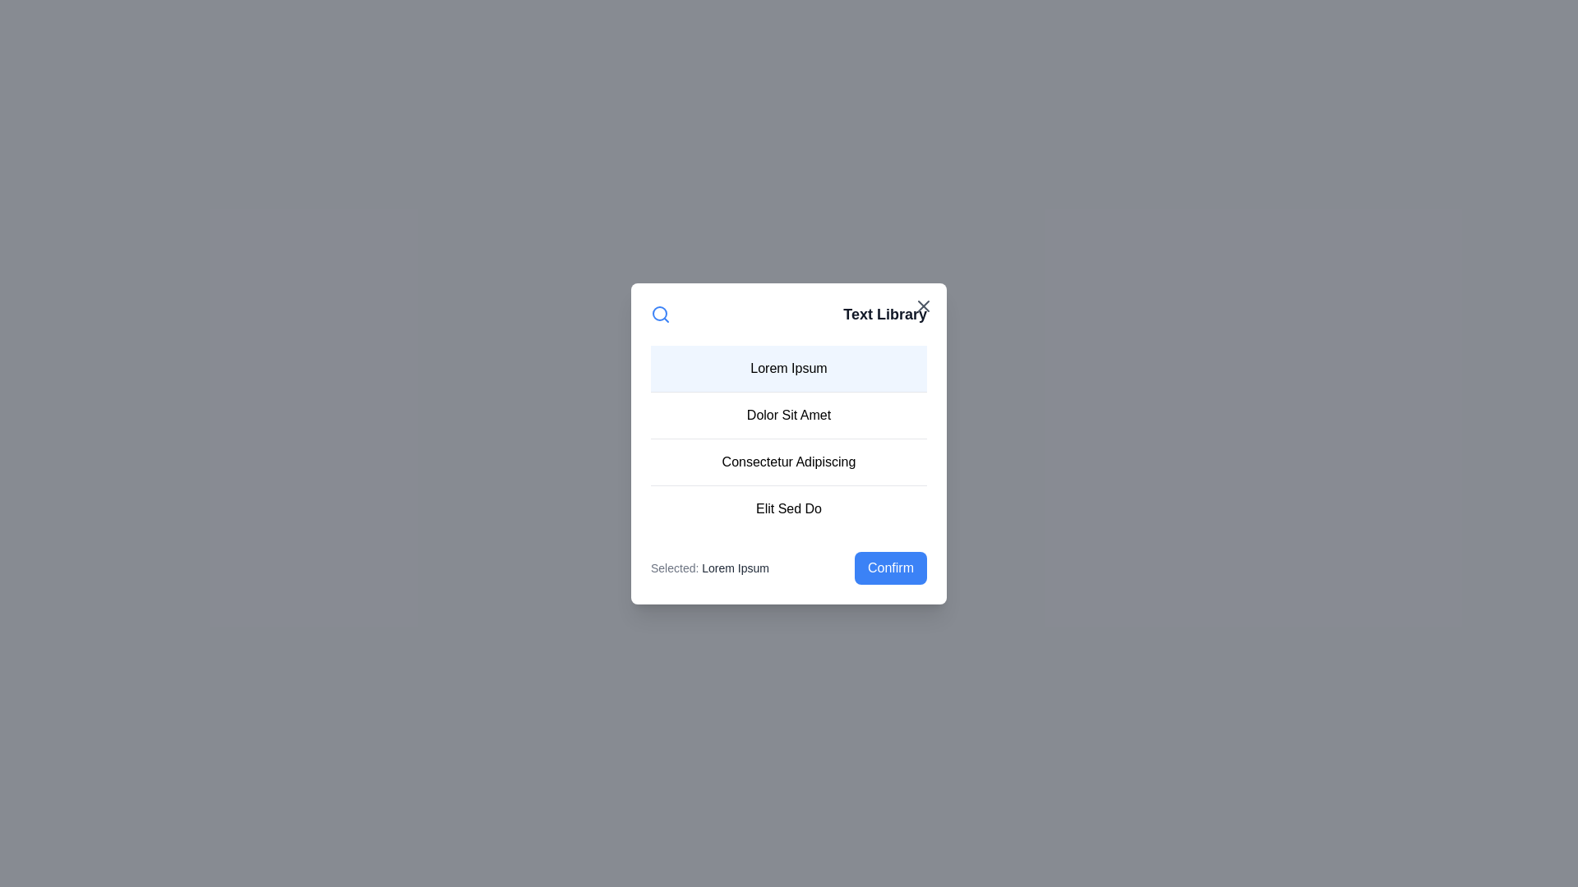 The width and height of the screenshot is (1578, 887). Describe the element at coordinates (923, 306) in the screenshot. I see `the close button located at the top-right corner of the dialog` at that location.